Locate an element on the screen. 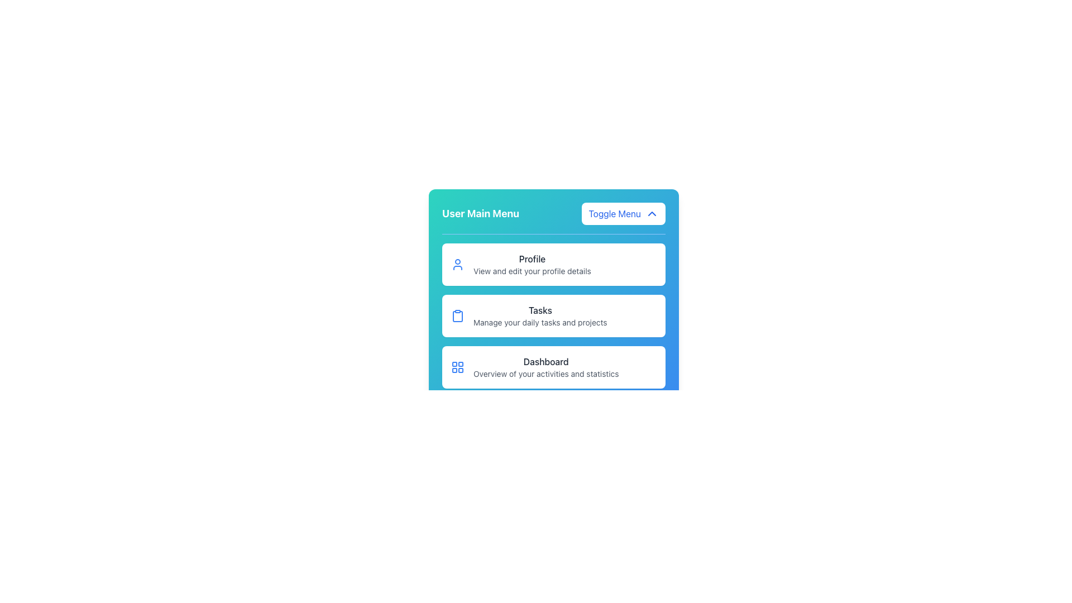 Image resolution: width=1072 pixels, height=603 pixels. the List of navigation items located centrally below the 'User Main Menu' header is located at coordinates (554, 341).